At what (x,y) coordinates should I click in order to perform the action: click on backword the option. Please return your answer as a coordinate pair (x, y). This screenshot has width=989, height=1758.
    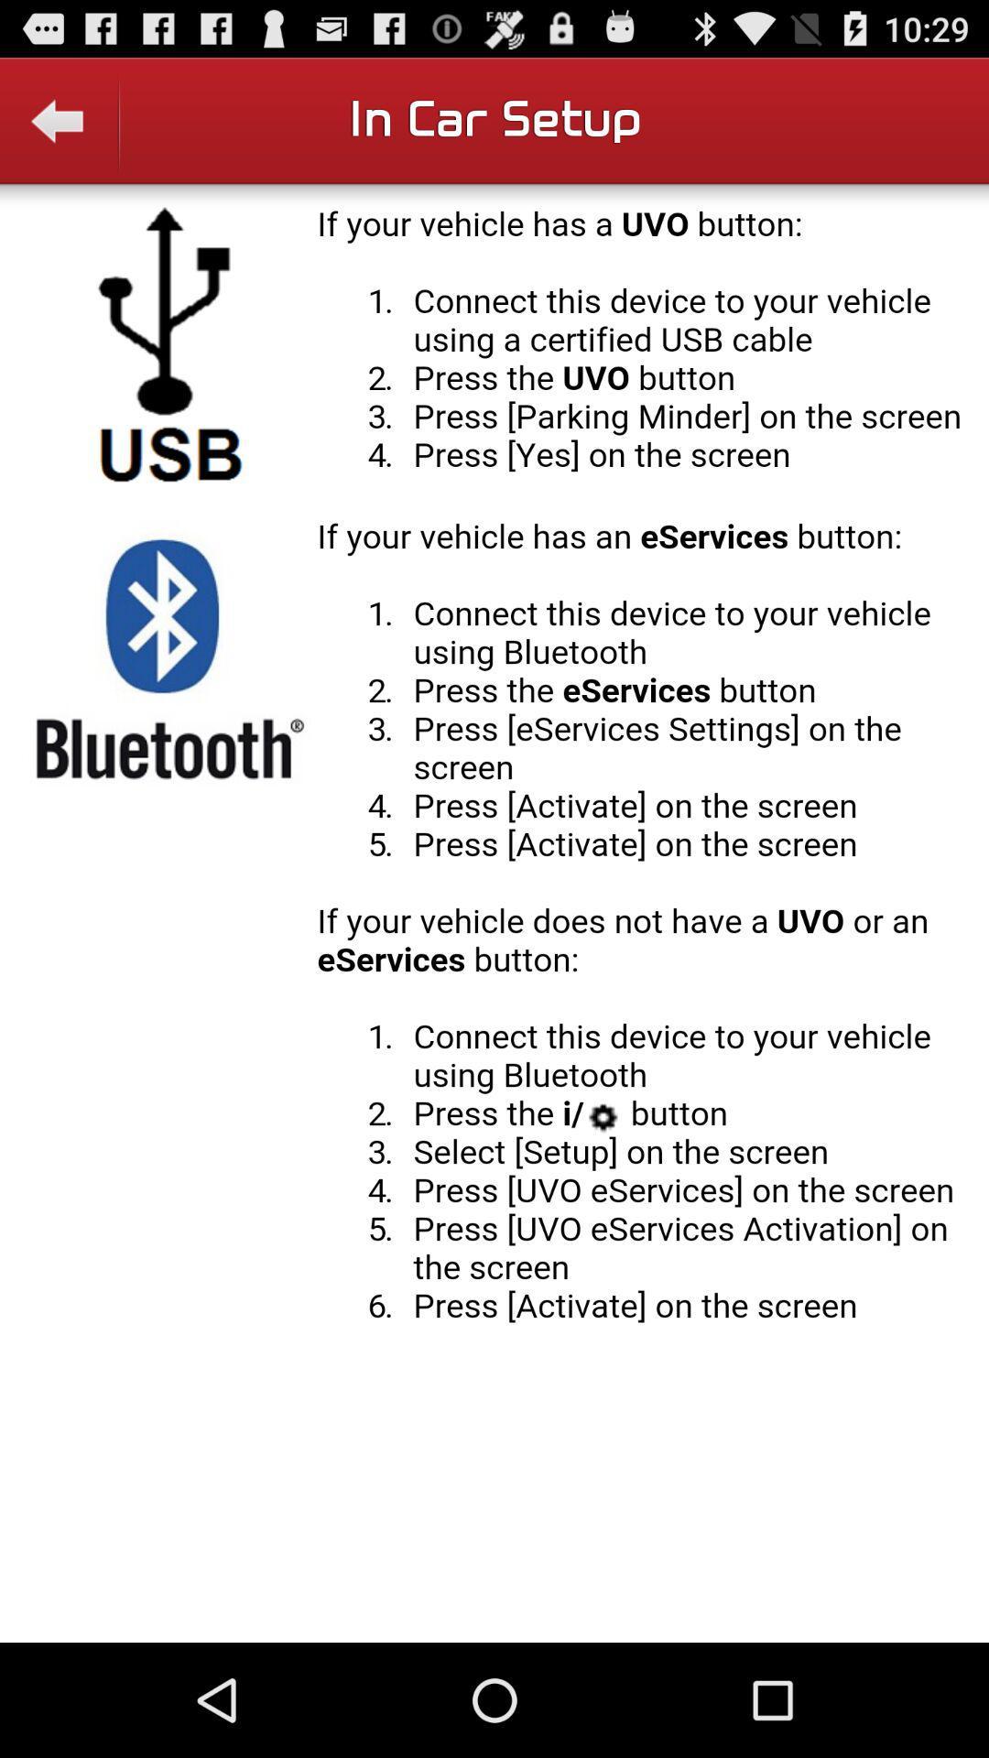
    Looking at the image, I should click on (59, 132).